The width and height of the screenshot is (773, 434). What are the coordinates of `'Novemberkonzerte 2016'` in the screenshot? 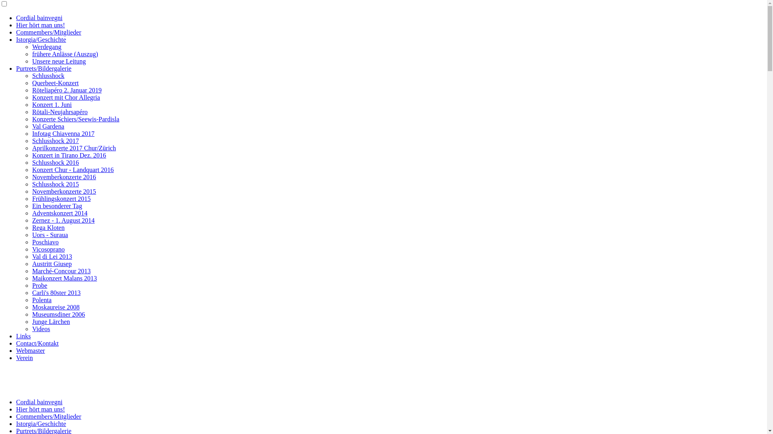 It's located at (32, 176).